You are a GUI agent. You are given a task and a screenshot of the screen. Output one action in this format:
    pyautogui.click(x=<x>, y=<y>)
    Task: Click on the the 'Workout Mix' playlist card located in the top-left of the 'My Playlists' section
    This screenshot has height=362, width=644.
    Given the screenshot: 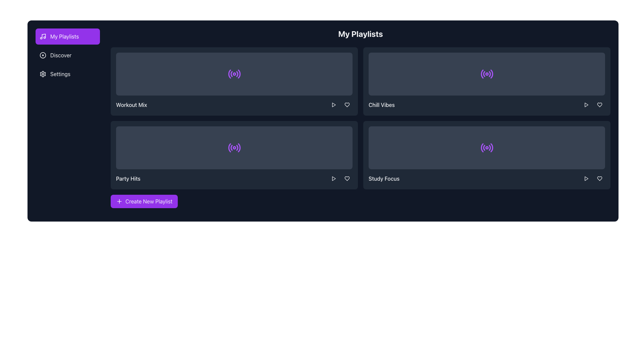 What is the action you would take?
    pyautogui.click(x=234, y=74)
    